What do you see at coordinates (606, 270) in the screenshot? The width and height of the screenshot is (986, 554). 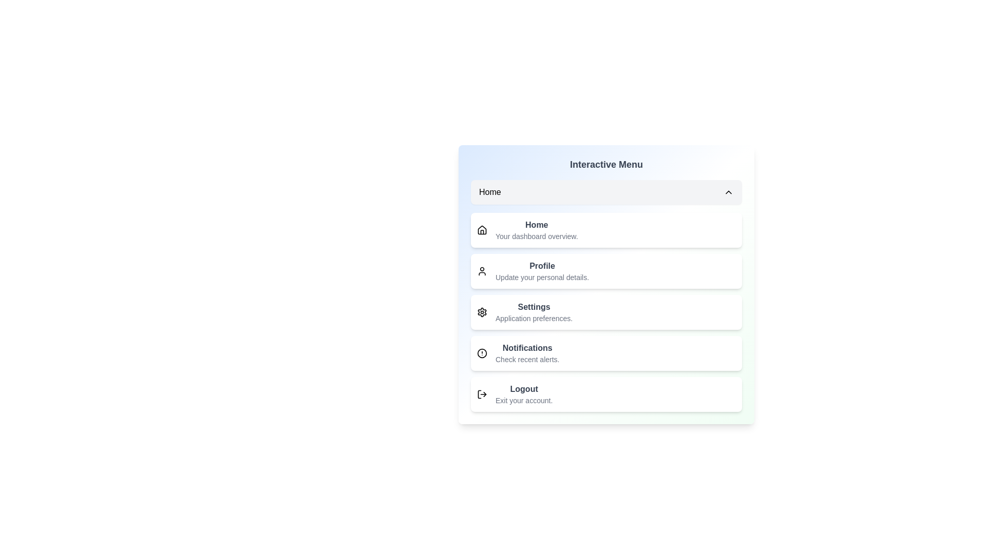 I see `the menu option Profile` at bounding box center [606, 270].